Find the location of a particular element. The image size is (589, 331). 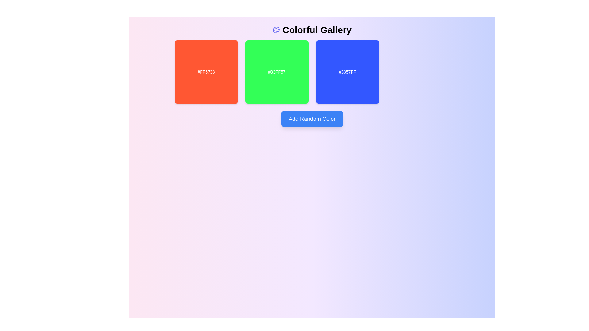

the text displaying '#33FF57' in a small, bold font, which is located in the central green square of a three-square layout is located at coordinates (276, 72).